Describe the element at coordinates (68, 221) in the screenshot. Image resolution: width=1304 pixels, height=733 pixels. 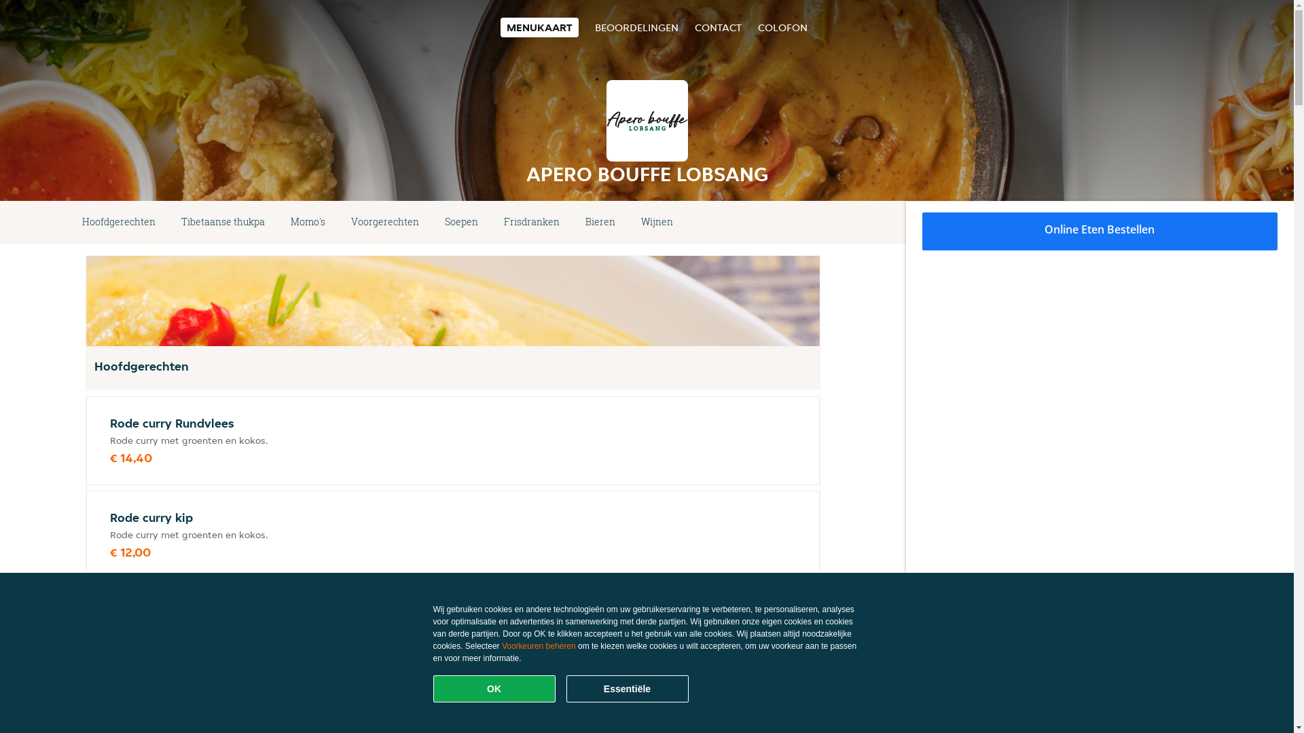
I see `'Hoofdgerechten'` at that location.